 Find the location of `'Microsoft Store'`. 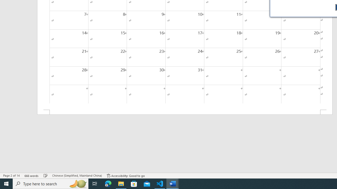

'Microsoft Store' is located at coordinates (134, 183).